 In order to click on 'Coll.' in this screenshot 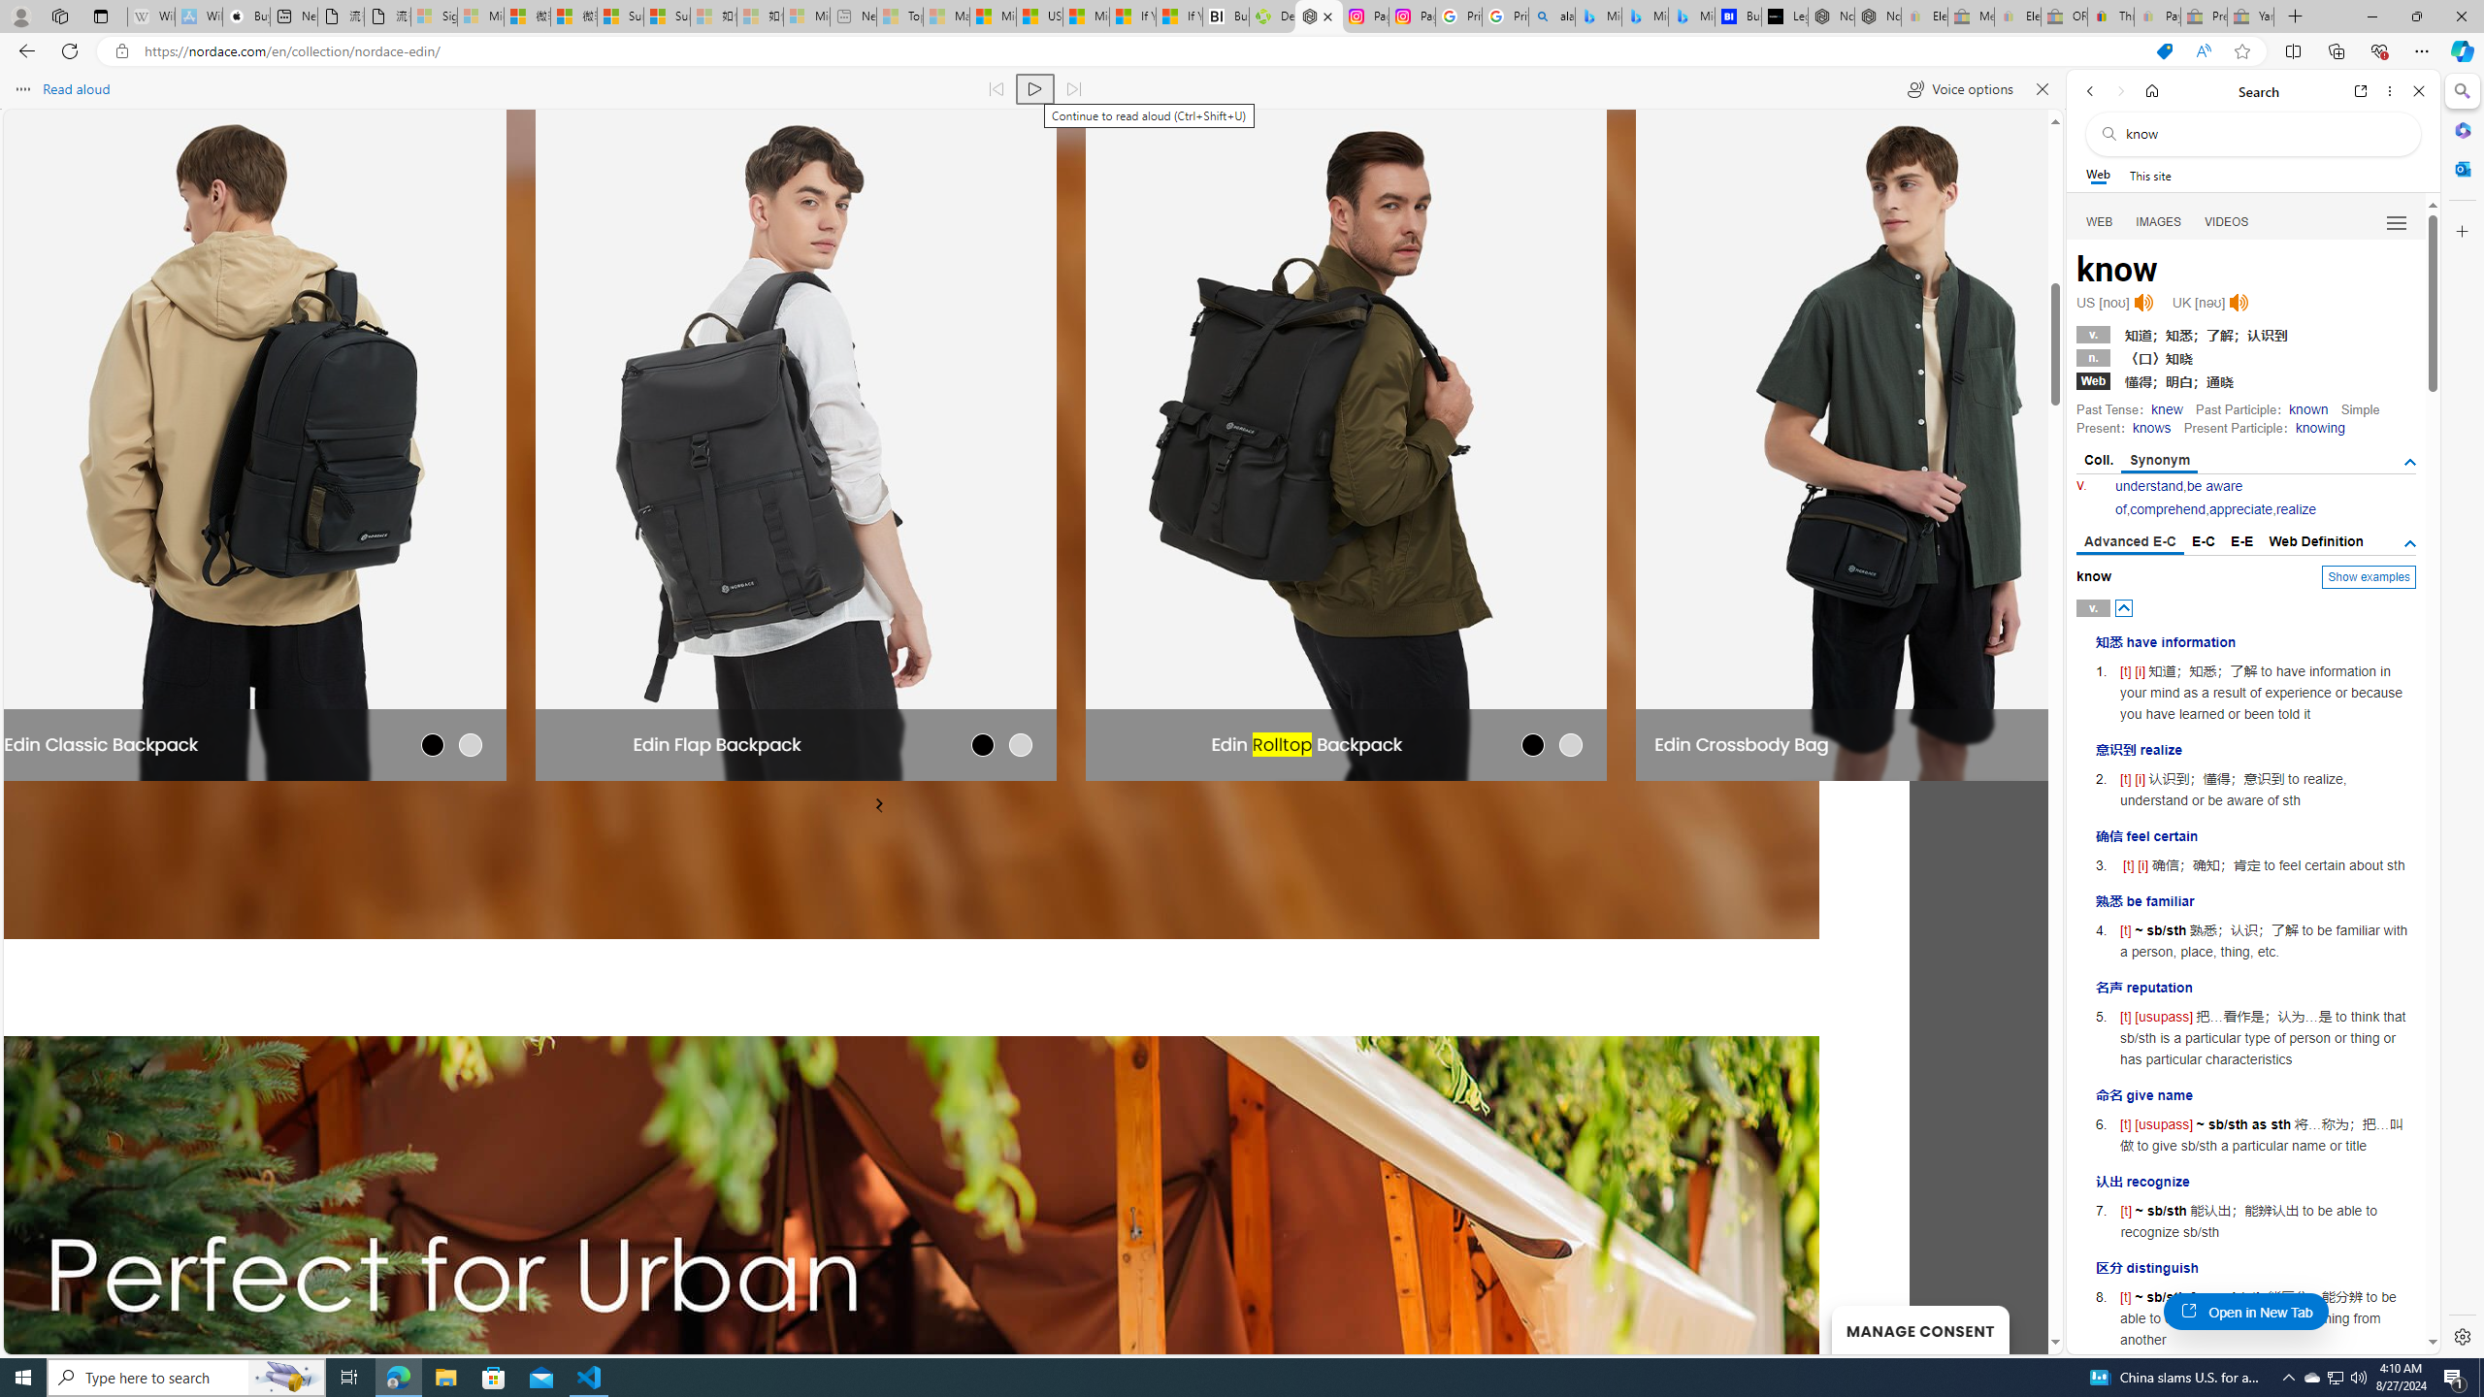, I will do `click(2098, 460)`.